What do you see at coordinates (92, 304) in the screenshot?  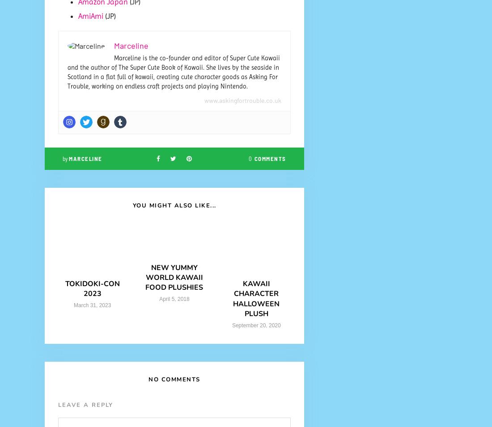 I see `'March 31, 2023'` at bounding box center [92, 304].